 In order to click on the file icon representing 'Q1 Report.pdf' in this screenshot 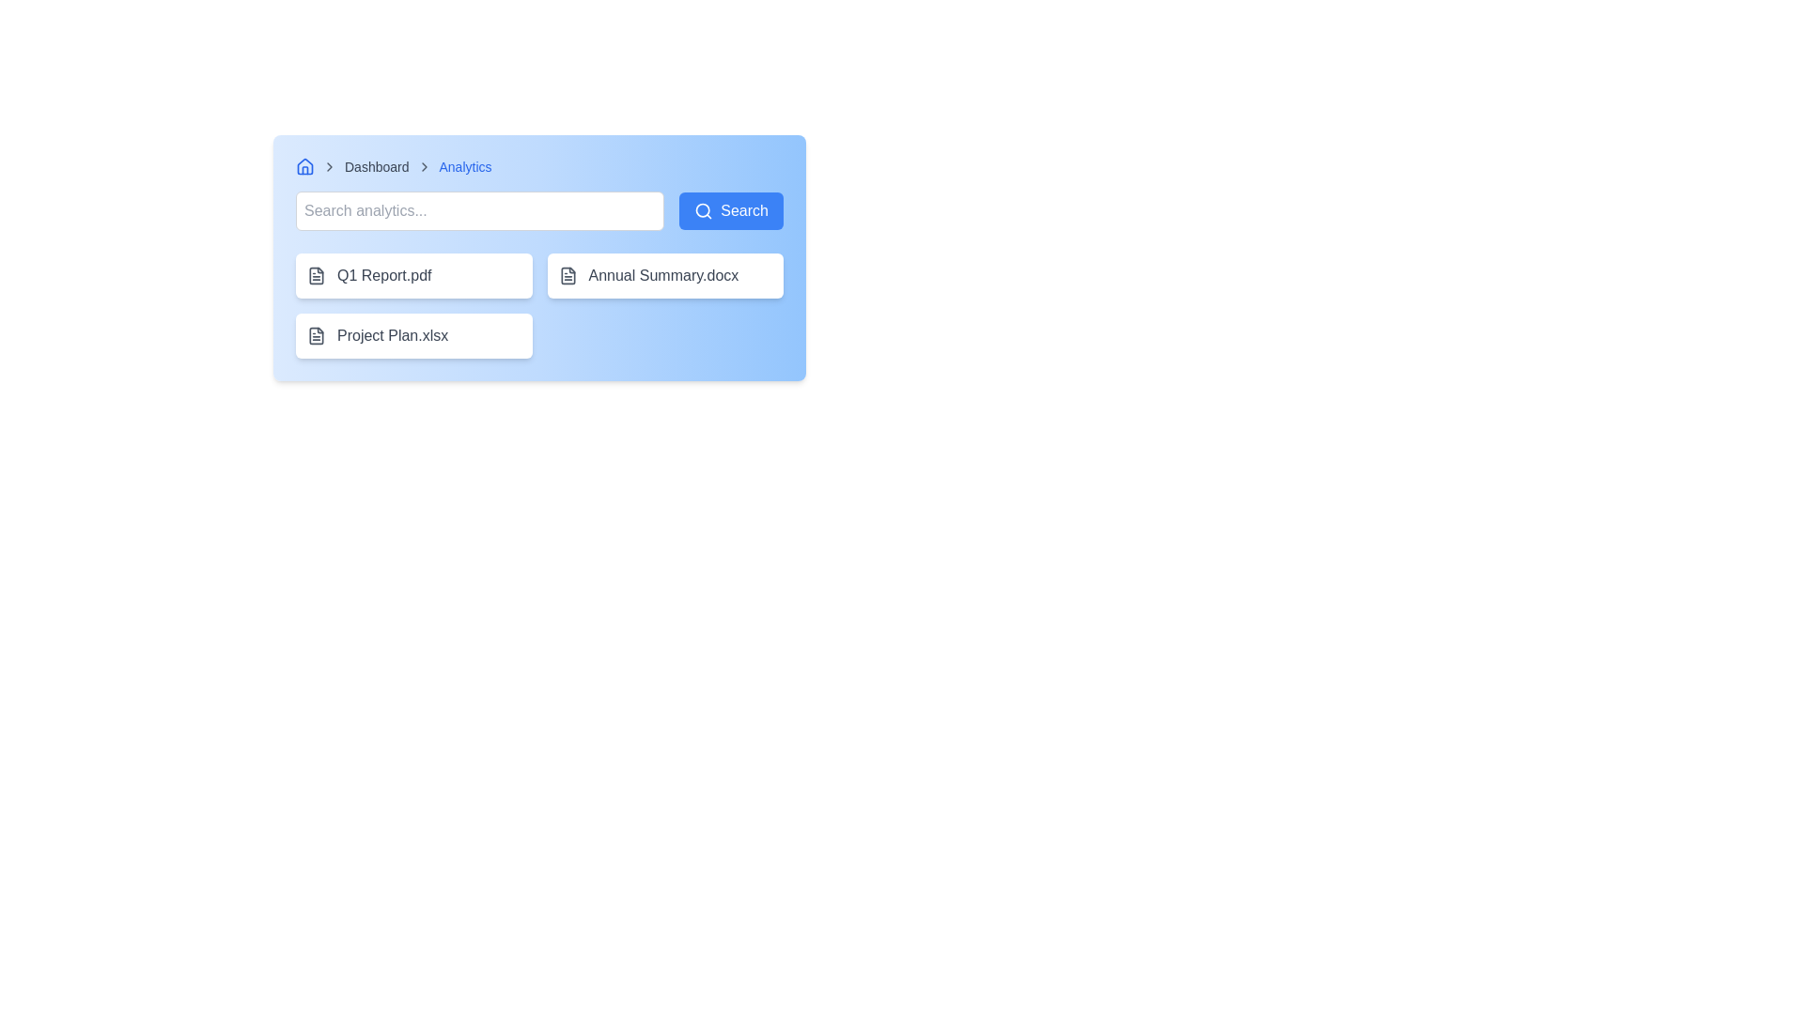, I will do `click(316, 275)`.